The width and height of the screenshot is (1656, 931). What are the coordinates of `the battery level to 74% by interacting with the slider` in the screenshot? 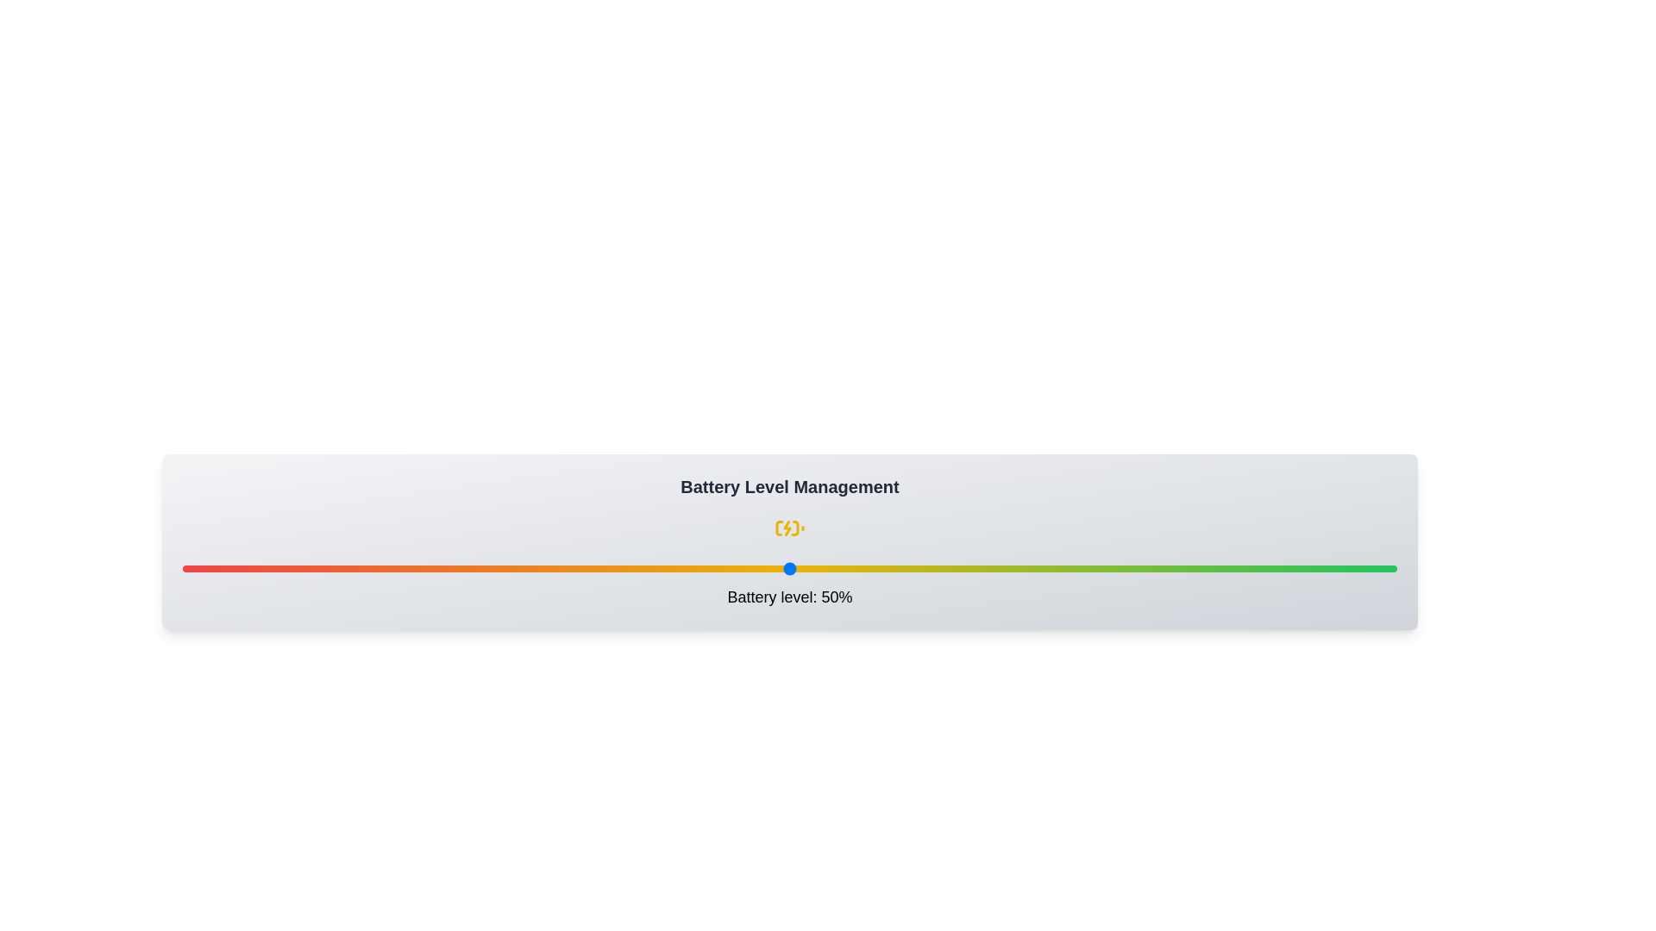 It's located at (1080, 568).